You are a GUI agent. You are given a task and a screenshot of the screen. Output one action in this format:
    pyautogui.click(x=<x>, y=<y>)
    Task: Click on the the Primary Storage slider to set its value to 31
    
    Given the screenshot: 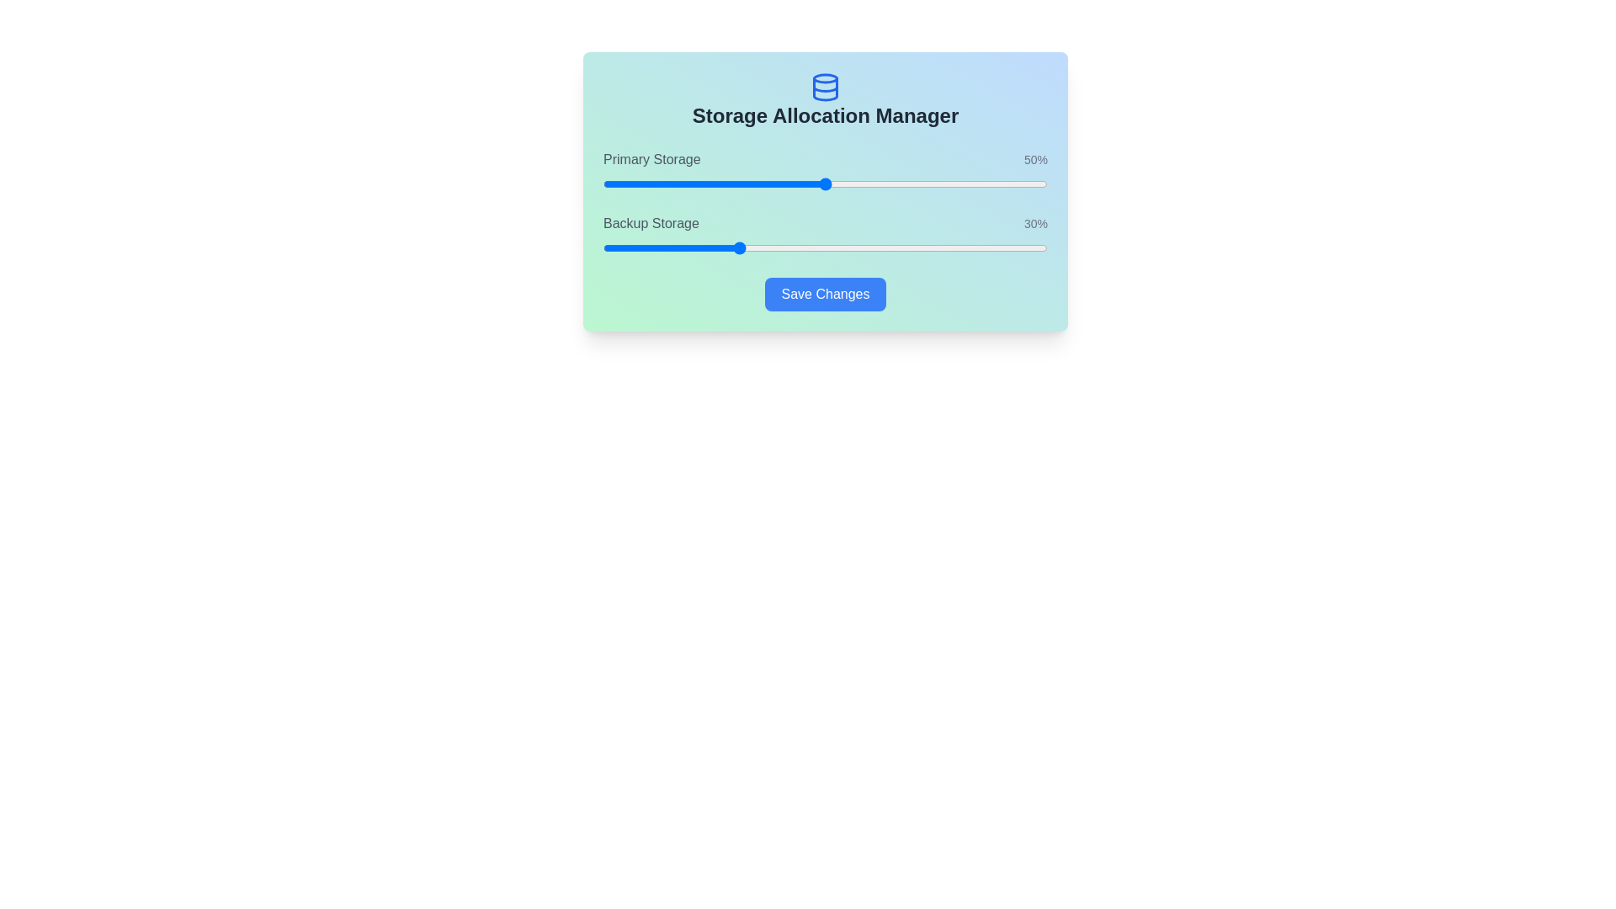 What is the action you would take?
    pyautogui.click(x=741, y=184)
    